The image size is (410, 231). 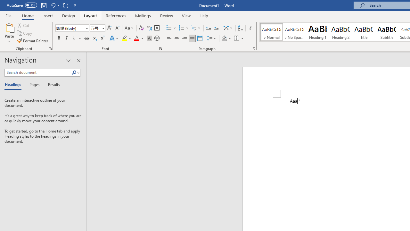 I want to click on 'Show/Hide Editing Marks', so click(x=250, y=28).